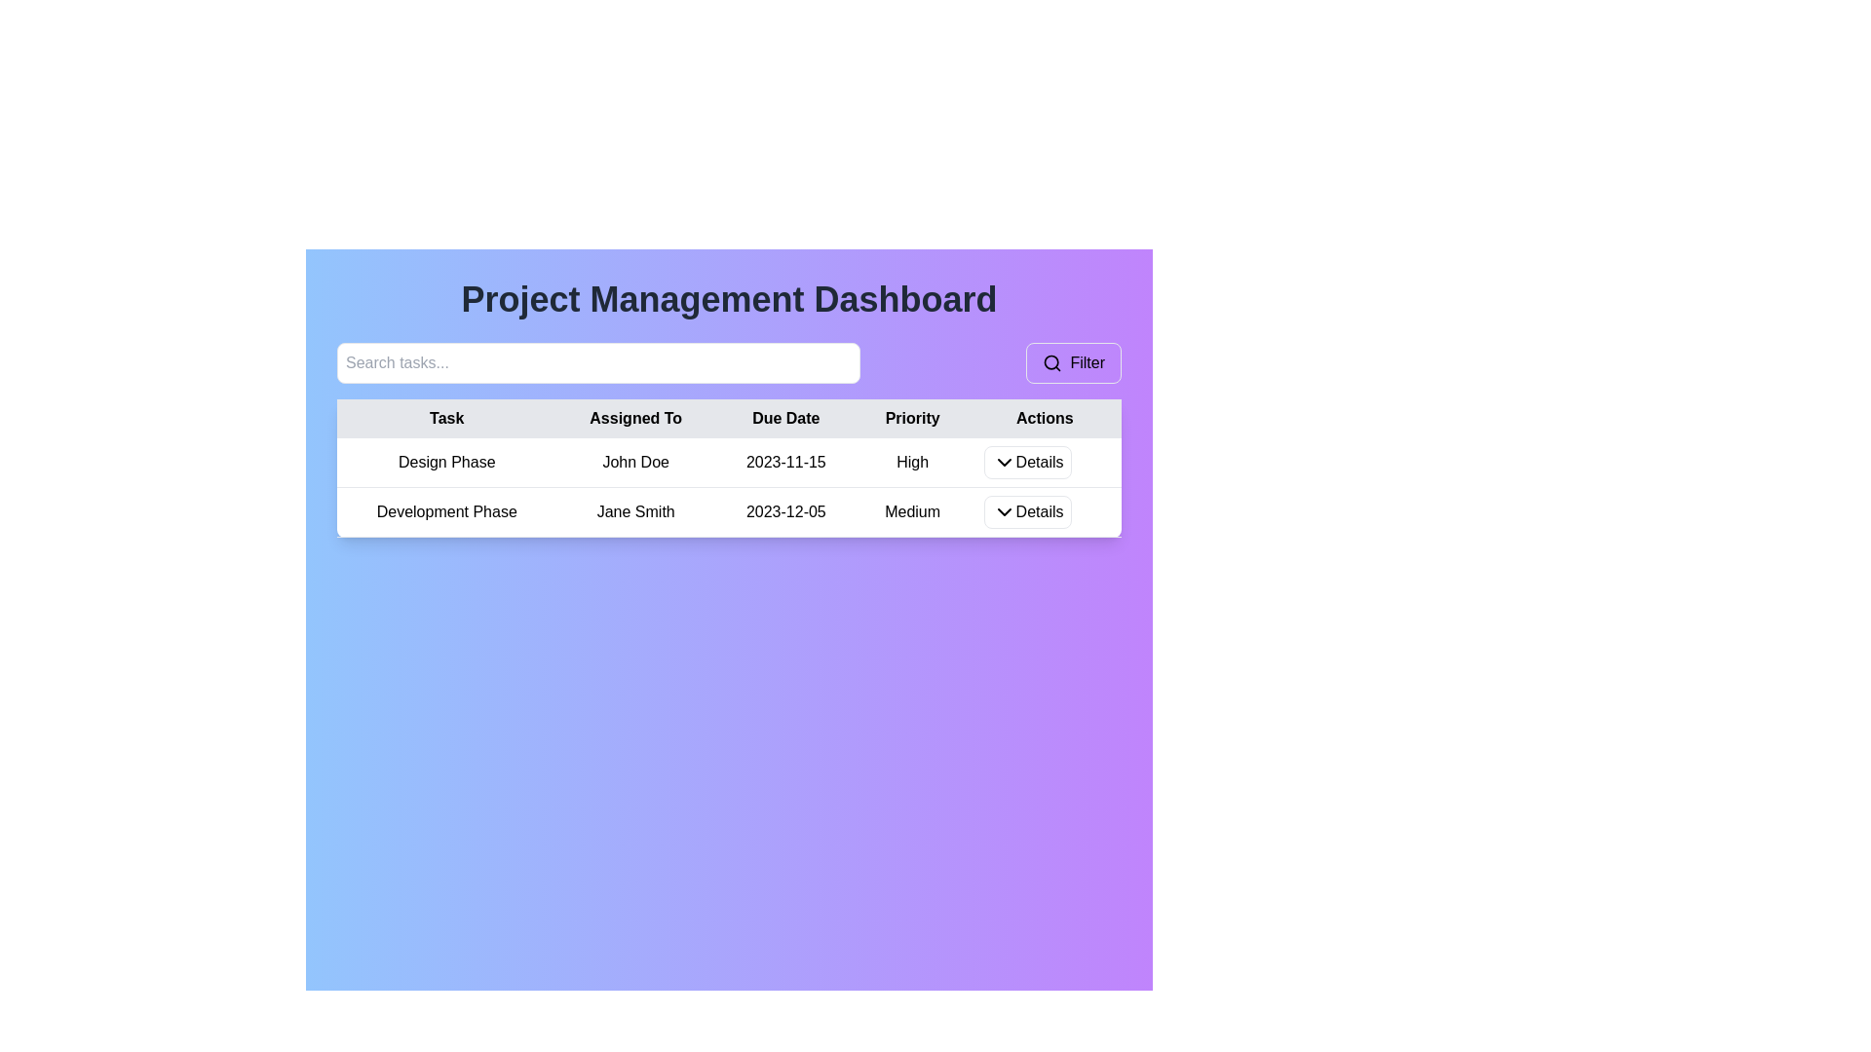 This screenshot has height=1052, width=1871. Describe the element at coordinates (1044, 417) in the screenshot. I see `the Table Header Cell displaying 'Actions' in bold text, located in the rightmost column of the header row` at that location.